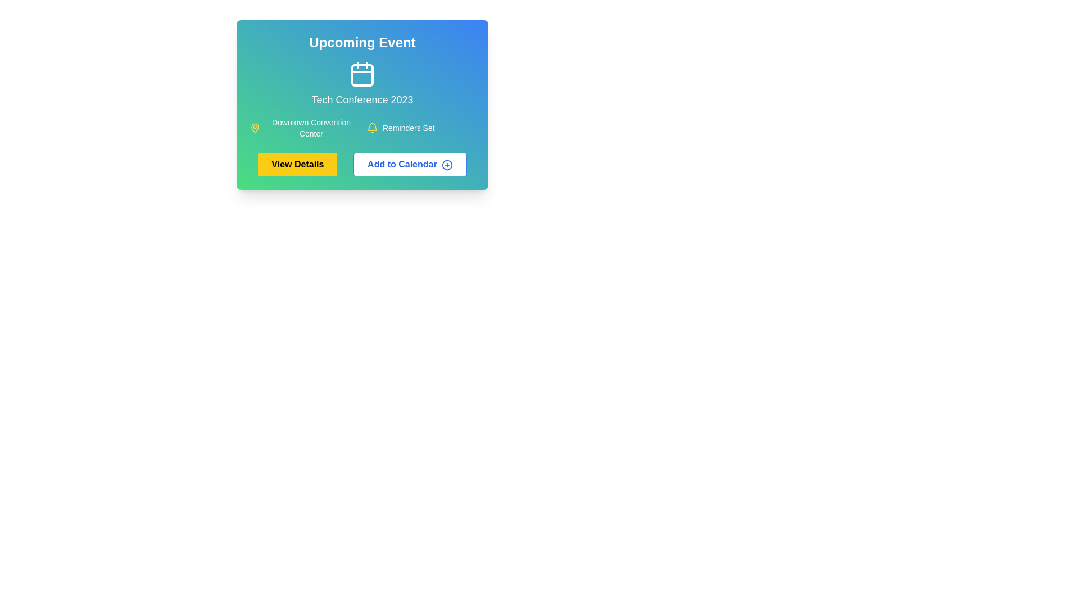 This screenshot has width=1079, height=607. Describe the element at coordinates (311, 127) in the screenshot. I see `the text label displaying 'Downtown Convention Center', which is styled in white and located centrally under the event title 'Tech Conference 2023'` at that location.